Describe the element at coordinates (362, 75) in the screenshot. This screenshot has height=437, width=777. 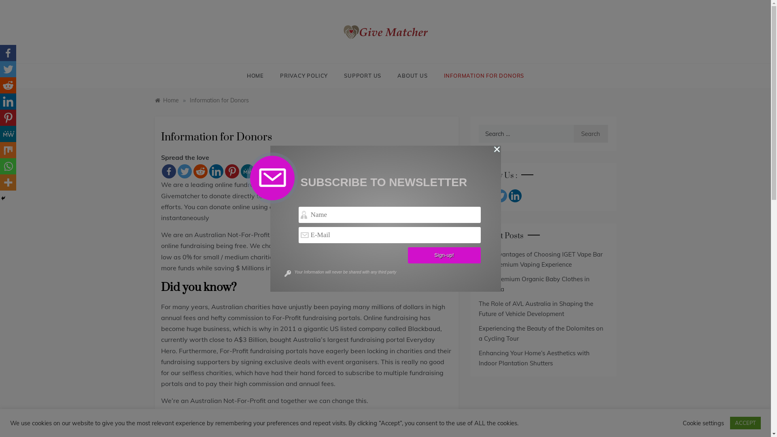
I see `'SUPPORT US'` at that location.